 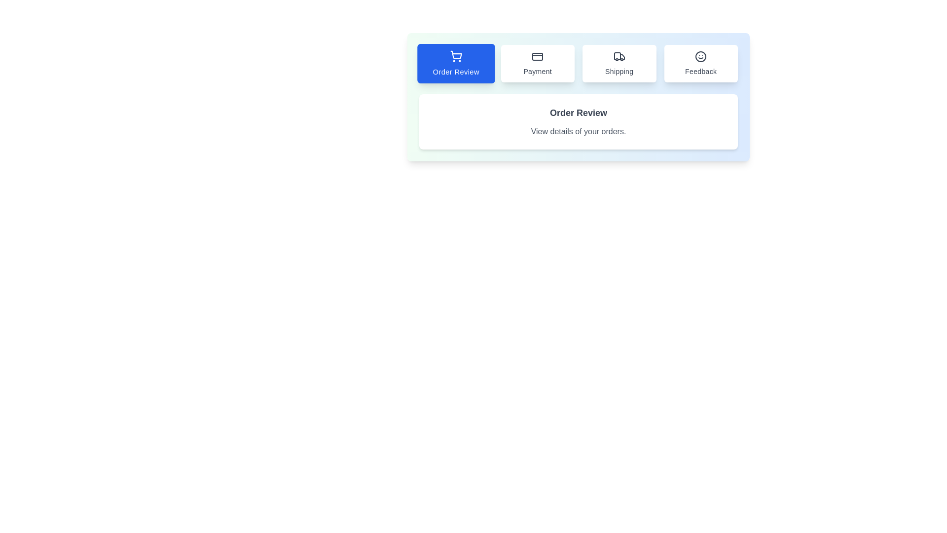 I want to click on the feedback button, the fourth button in a row of buttons positioned at the far right, so click(x=700, y=63).